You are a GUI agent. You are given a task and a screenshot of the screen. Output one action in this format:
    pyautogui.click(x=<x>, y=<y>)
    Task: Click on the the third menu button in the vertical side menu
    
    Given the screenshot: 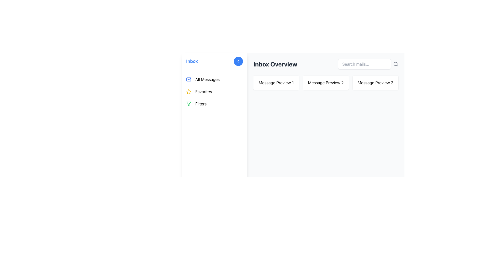 What is the action you would take?
    pyautogui.click(x=214, y=104)
    